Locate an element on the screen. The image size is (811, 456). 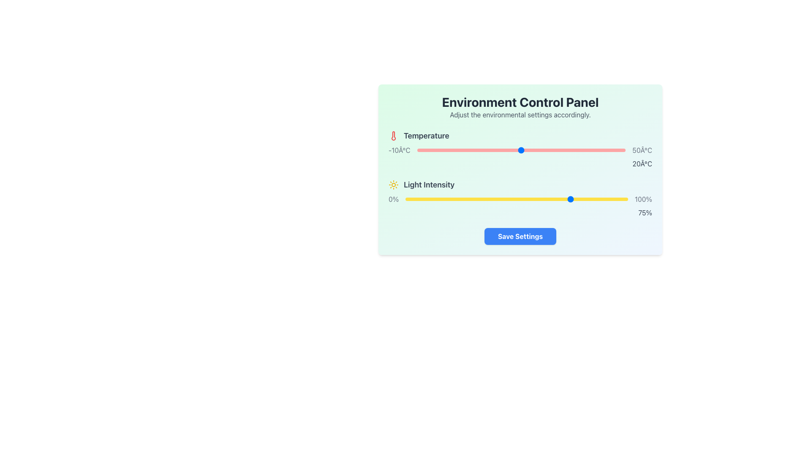
the temperature setting icon, which is located near the top-left corner of the central panel and adjacent to the 'Temperature' label is located at coordinates (393, 135).